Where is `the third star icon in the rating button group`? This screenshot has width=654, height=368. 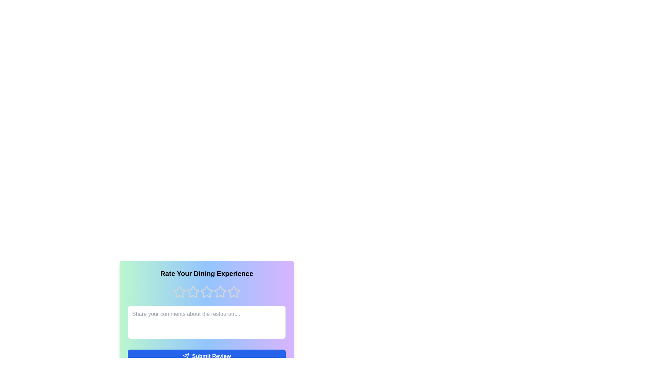 the third star icon in the rating button group is located at coordinates (206, 291).